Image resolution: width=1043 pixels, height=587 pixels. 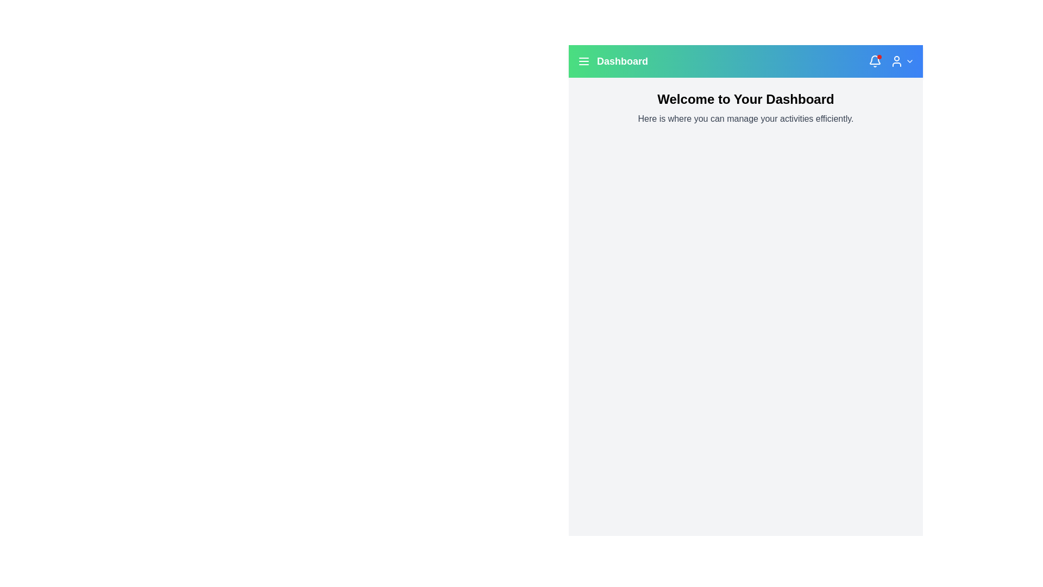 What do you see at coordinates (875, 60) in the screenshot?
I see `the appearance of the bell icon located in the top-right region of the dashboard header, specifically focusing on the upper curved portion of the minimalist outline design` at bounding box center [875, 60].